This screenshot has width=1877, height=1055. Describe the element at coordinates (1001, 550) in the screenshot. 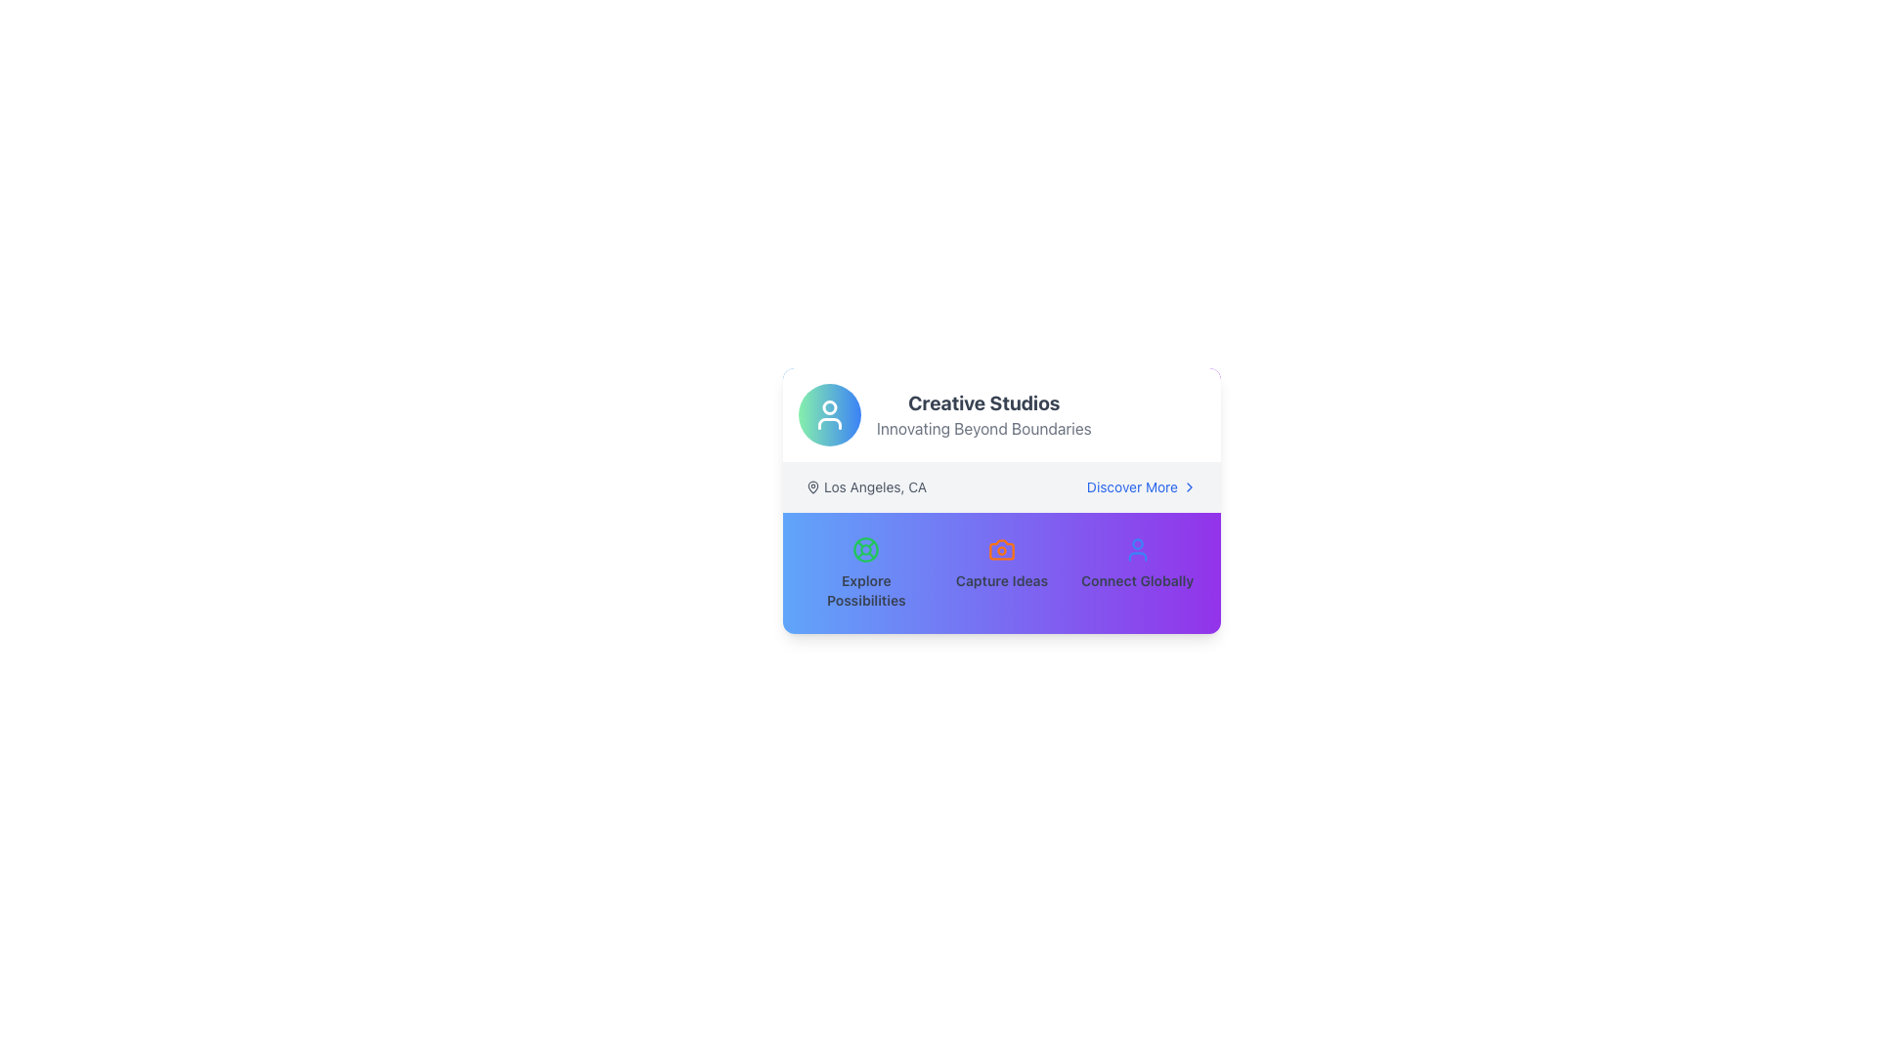

I see `the camera icon with an orange outline located in the 'Capture Ideas' section at the center of the card` at that location.